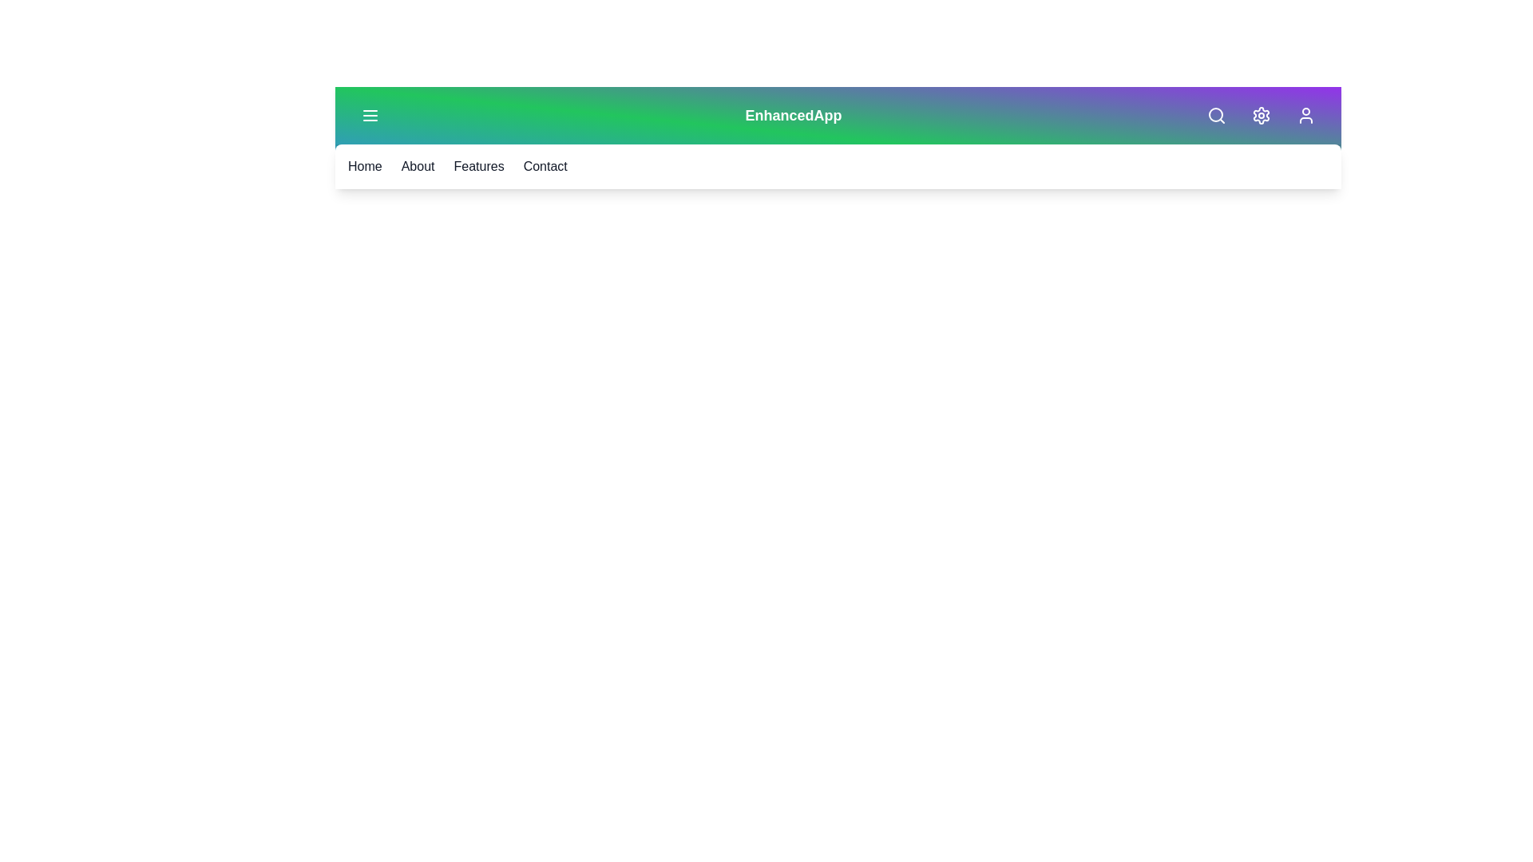 The image size is (1533, 862). Describe the element at coordinates (1215, 115) in the screenshot. I see `the 'Search' icon located on the top-right corner of the app bar` at that location.